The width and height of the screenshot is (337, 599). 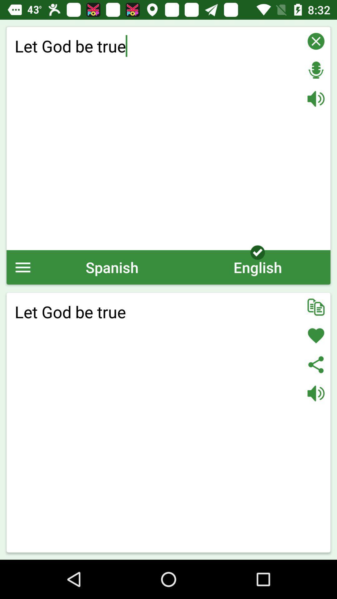 I want to click on show the menu options, so click(x=22, y=267).